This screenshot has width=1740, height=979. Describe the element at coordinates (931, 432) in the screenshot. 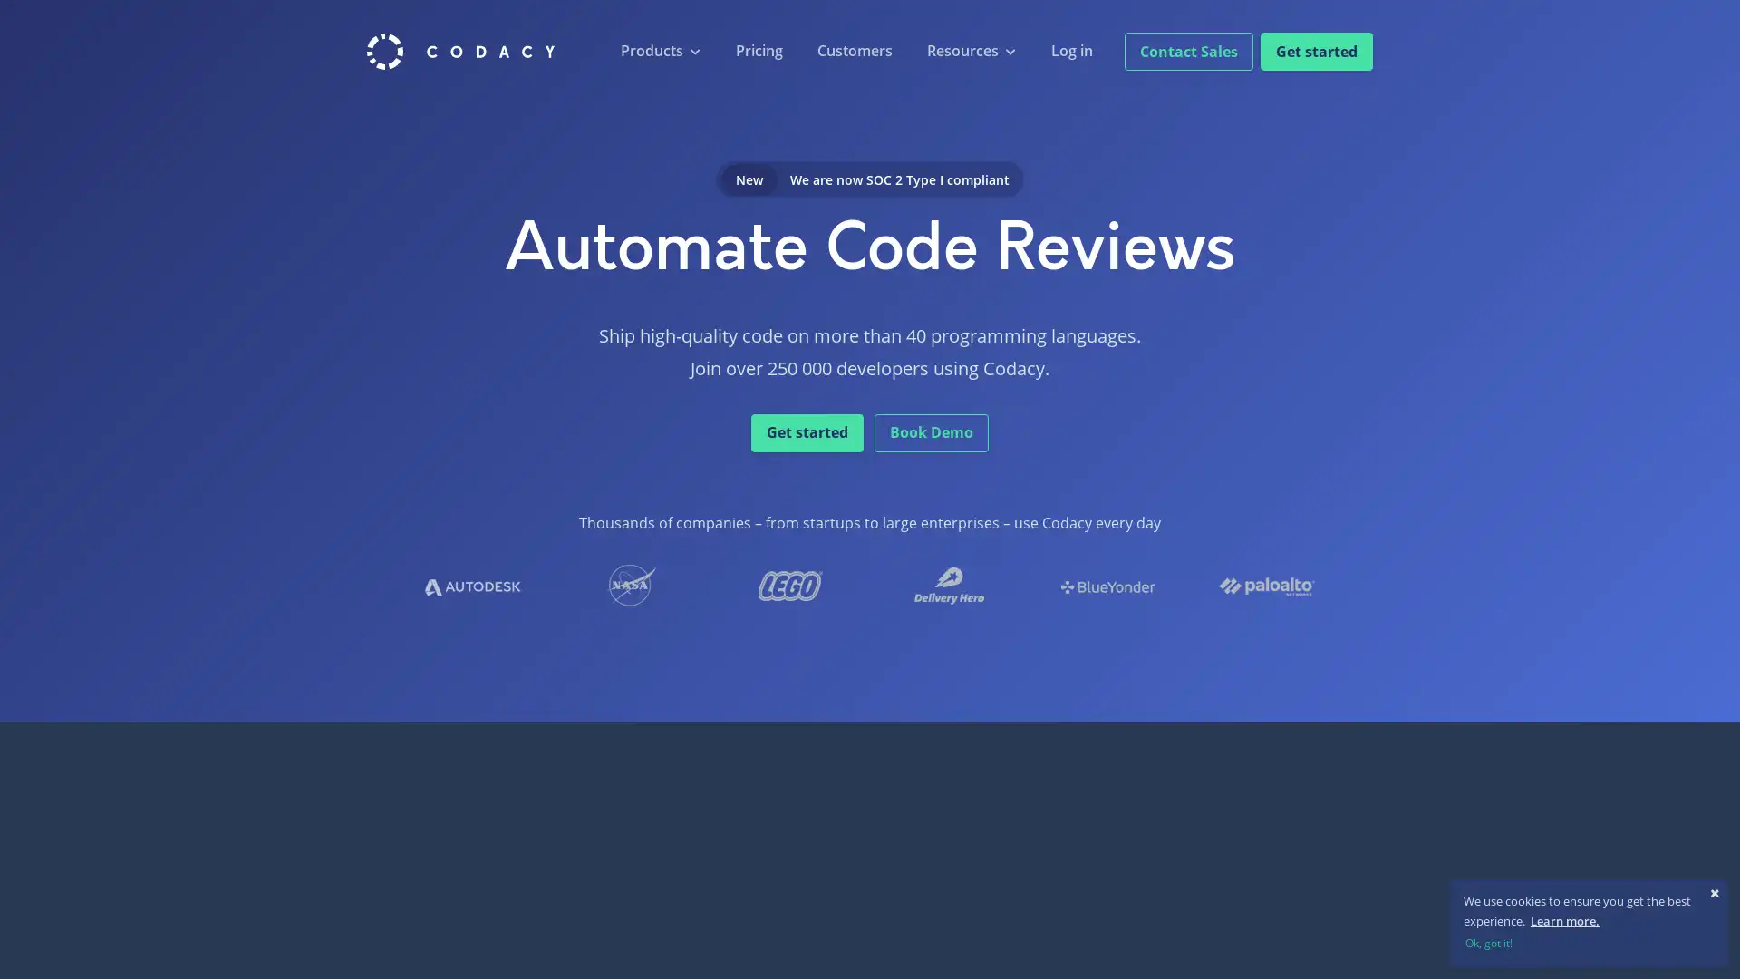

I see `Book Demo` at that location.